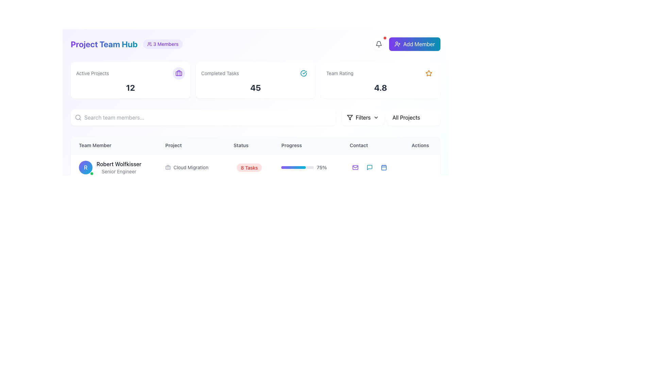 The width and height of the screenshot is (653, 367). What do you see at coordinates (92, 73) in the screenshot?
I see `the text label located at the top-left area of the section, which provides context about the contents beneath it` at bounding box center [92, 73].